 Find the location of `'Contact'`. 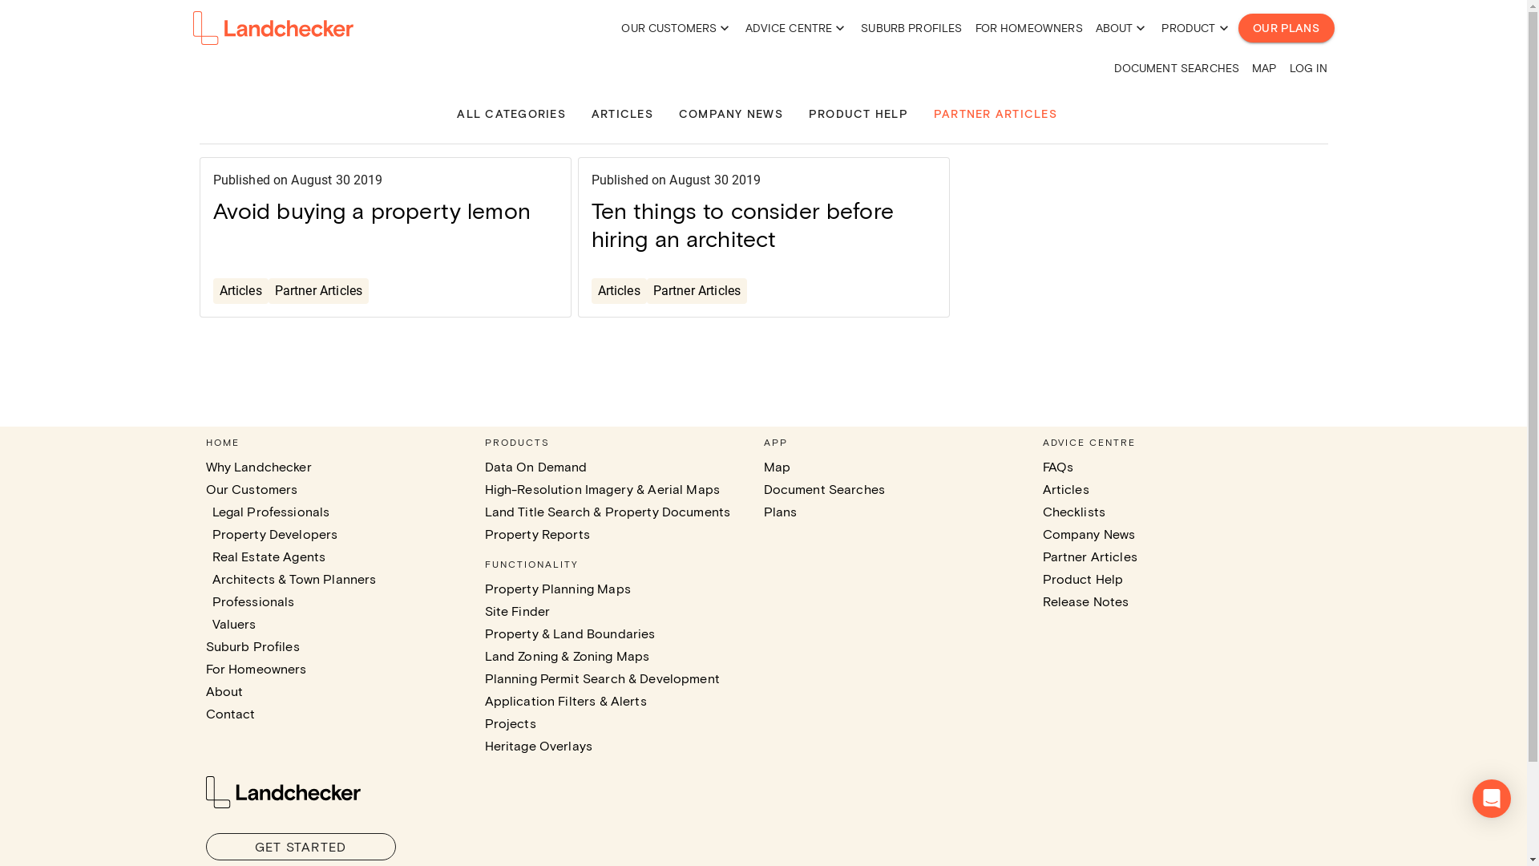

'Contact' is located at coordinates (229, 713).